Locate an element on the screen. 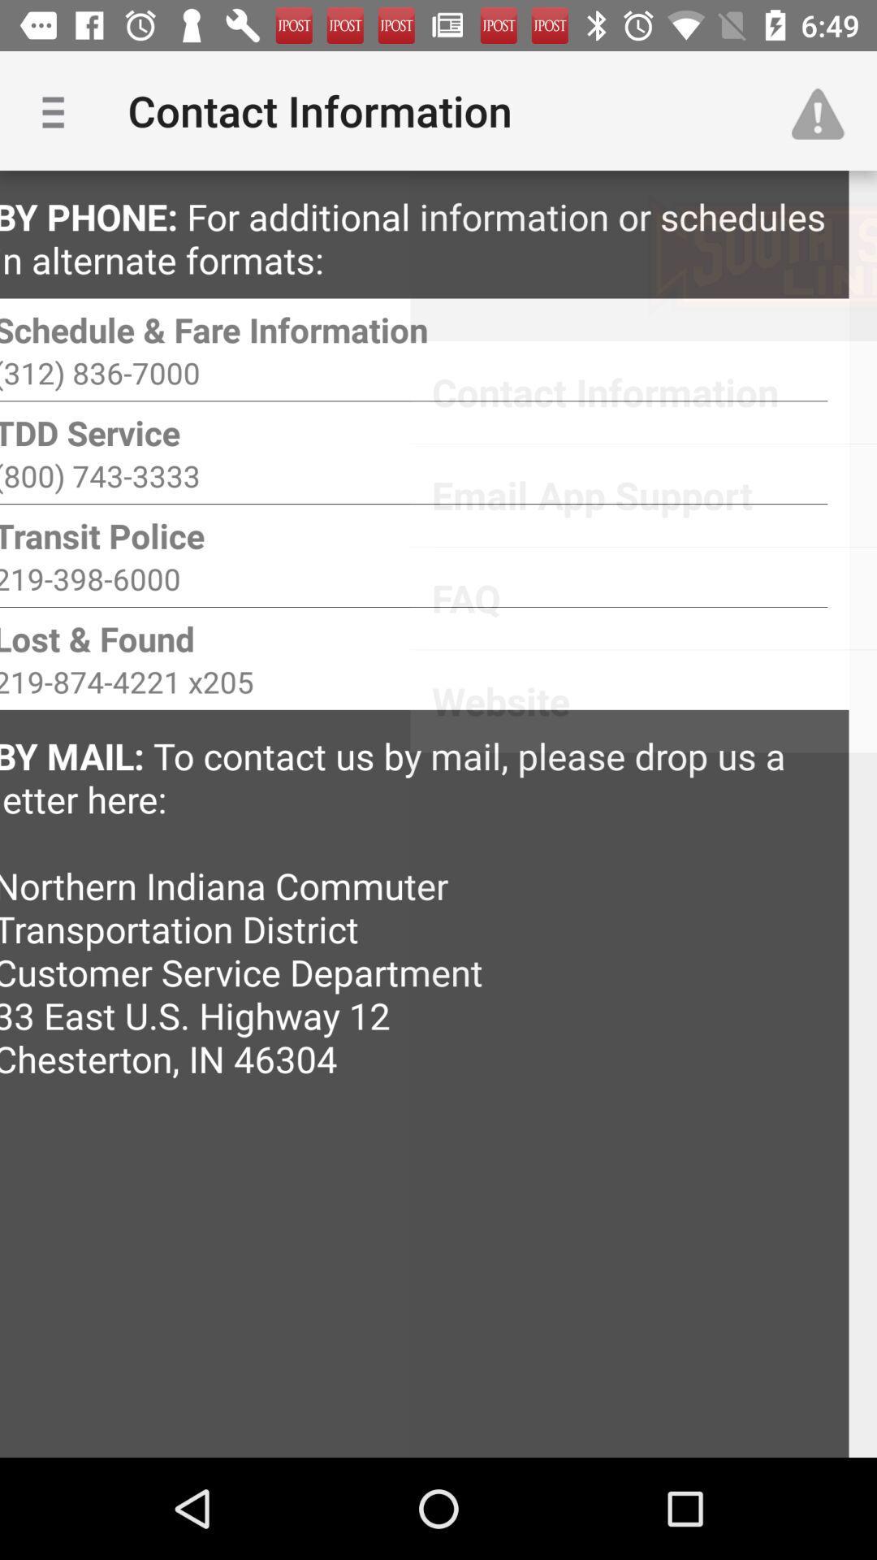 This screenshot has width=877, height=1560. the item to the left of contact information icon is located at coordinates (58, 110).